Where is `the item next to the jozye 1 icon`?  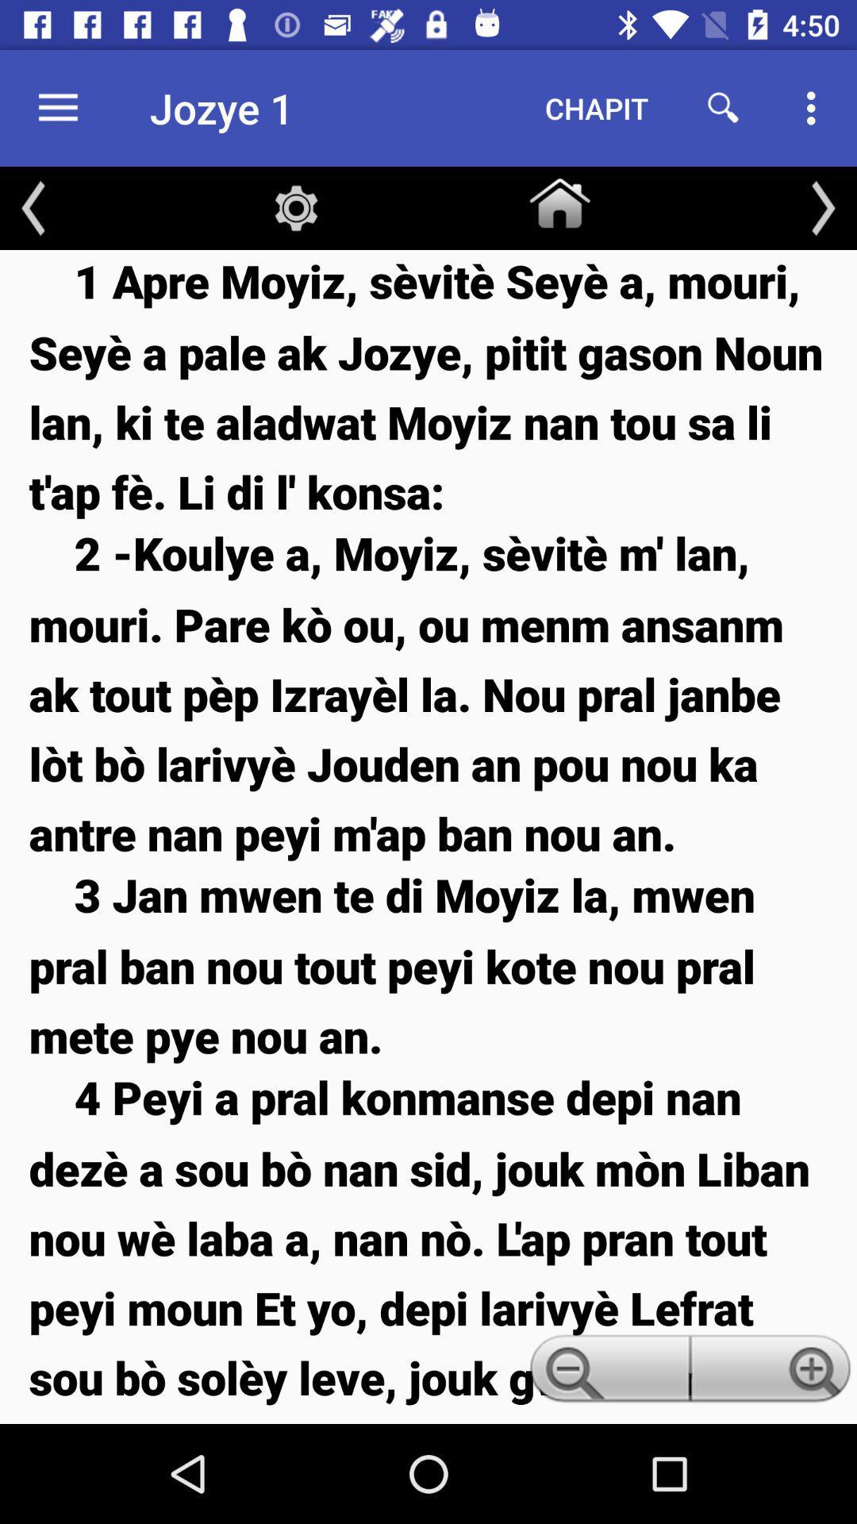
the item next to the jozye 1 icon is located at coordinates (597, 107).